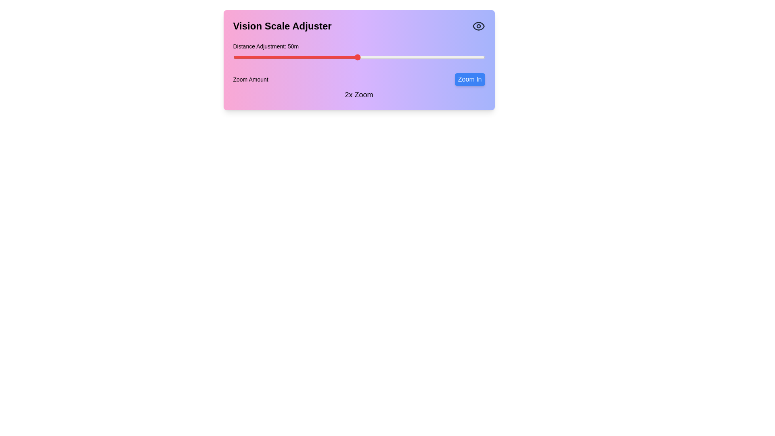  What do you see at coordinates (266, 46) in the screenshot?
I see `the text label reading 'Distance Adjustment: 50m' which is positioned under the header 'Vision Scale Adjuster' and aligned to the left of a slider control` at bounding box center [266, 46].